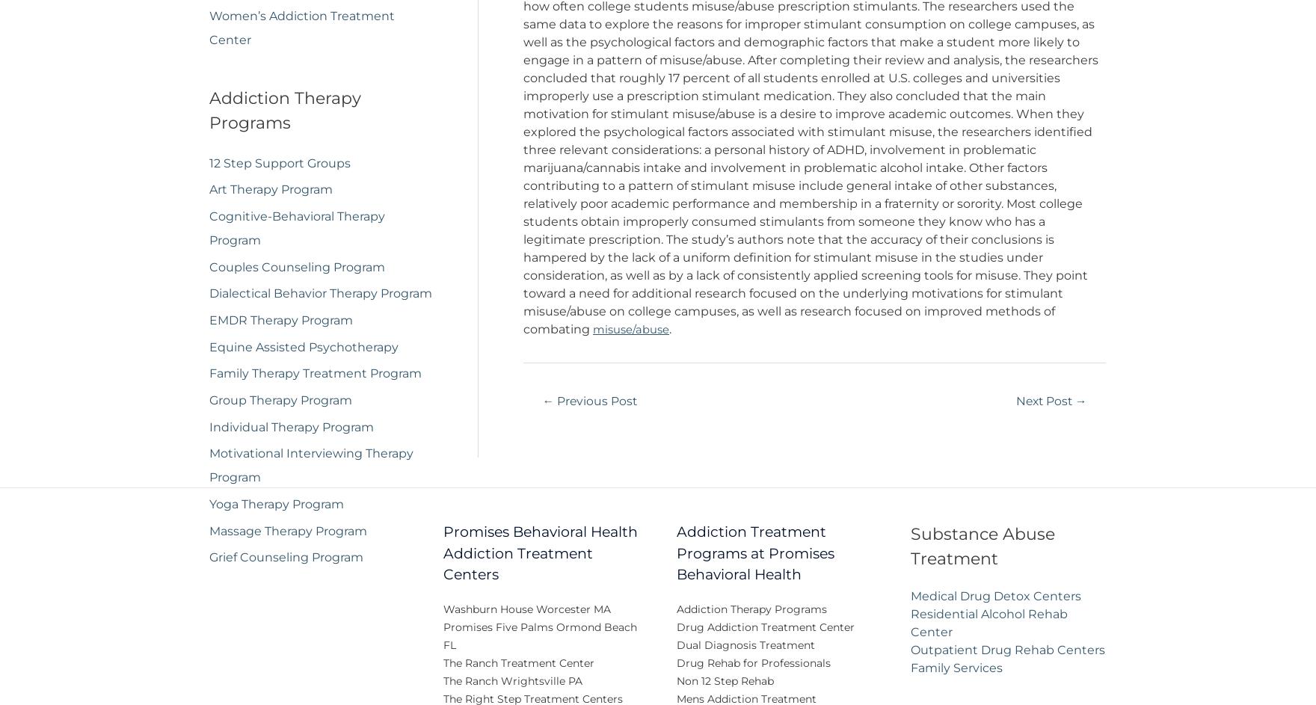 The image size is (1316, 705). Describe the element at coordinates (600, 401) in the screenshot. I see `'Previous Post'` at that location.